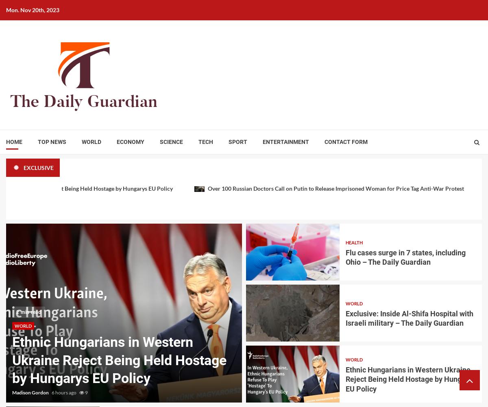 Image resolution: width=488 pixels, height=407 pixels. What do you see at coordinates (289, 392) in the screenshot?
I see `'14 hours ago'` at bounding box center [289, 392].